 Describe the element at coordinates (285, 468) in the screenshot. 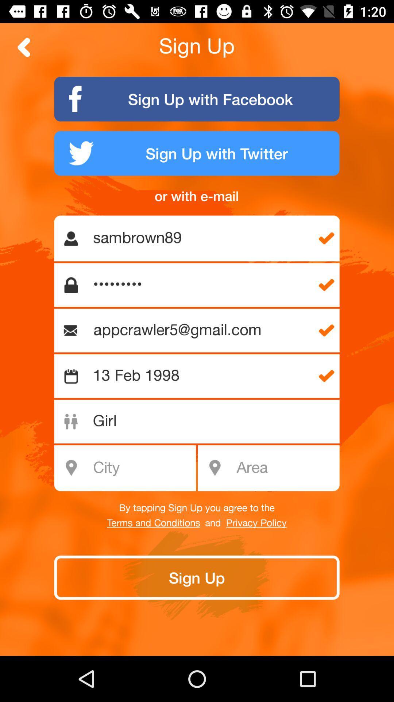

I see `your area` at that location.